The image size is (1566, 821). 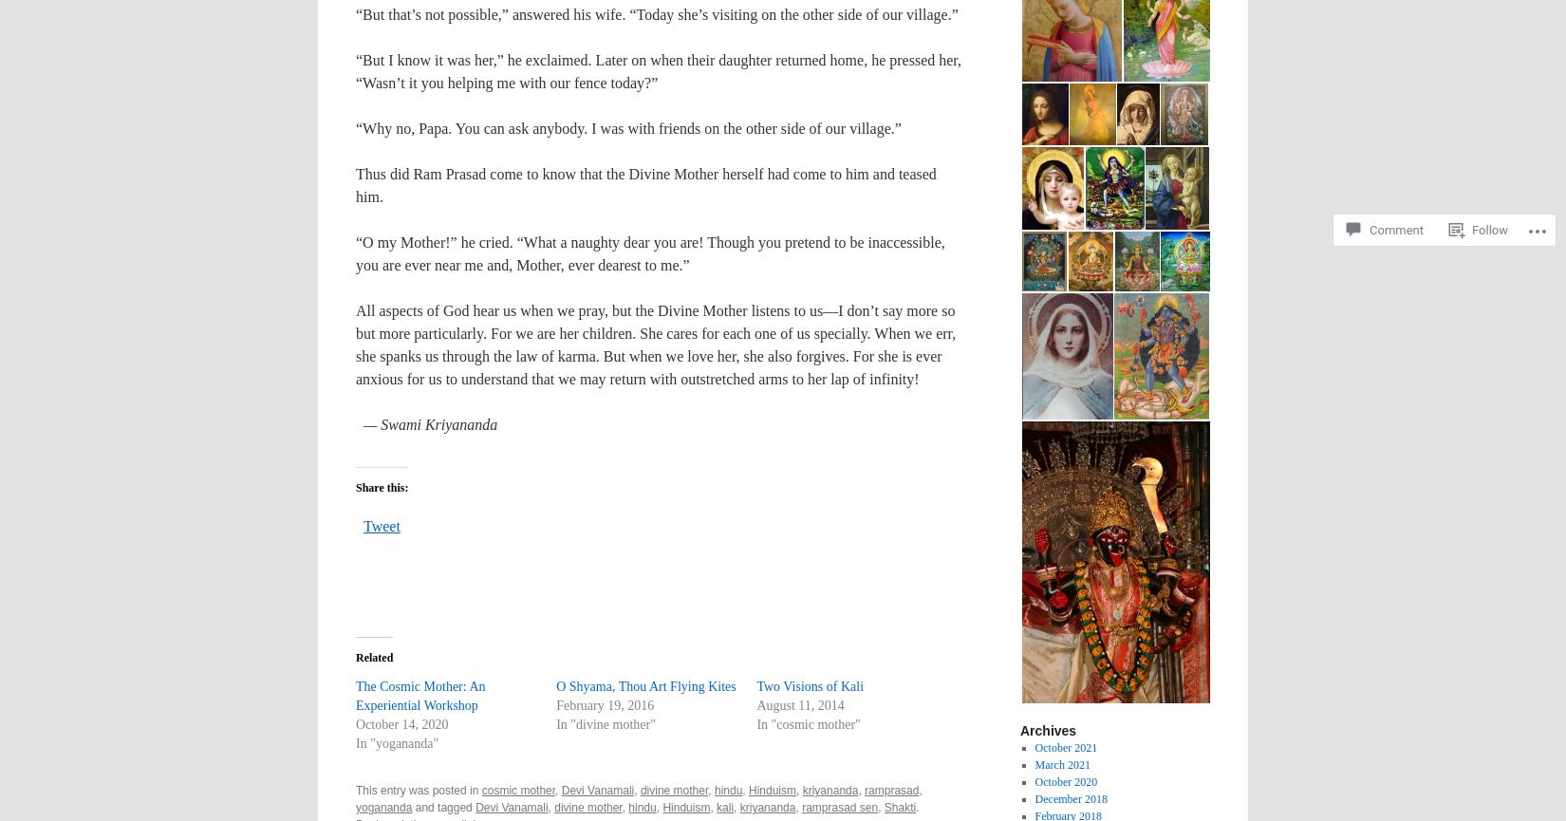 I want to click on '“But that’s not possible,” answered his wife. “Today she’s visiting on the other side of our village.”', so click(x=356, y=14).